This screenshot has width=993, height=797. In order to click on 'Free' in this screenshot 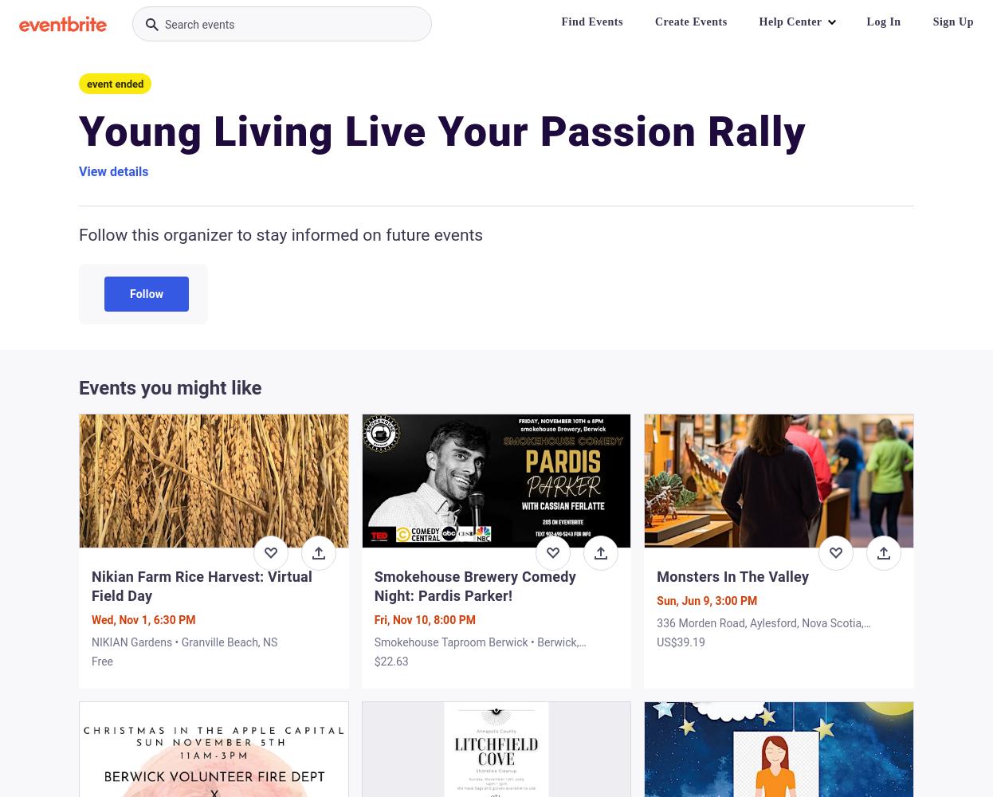, I will do `click(101, 661)`.